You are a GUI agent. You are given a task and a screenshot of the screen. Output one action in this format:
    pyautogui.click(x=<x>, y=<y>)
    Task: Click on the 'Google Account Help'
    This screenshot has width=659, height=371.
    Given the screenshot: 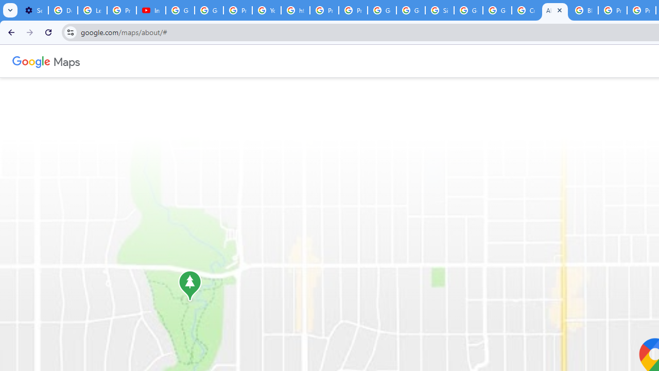 What is the action you would take?
    pyautogui.click(x=180, y=10)
    